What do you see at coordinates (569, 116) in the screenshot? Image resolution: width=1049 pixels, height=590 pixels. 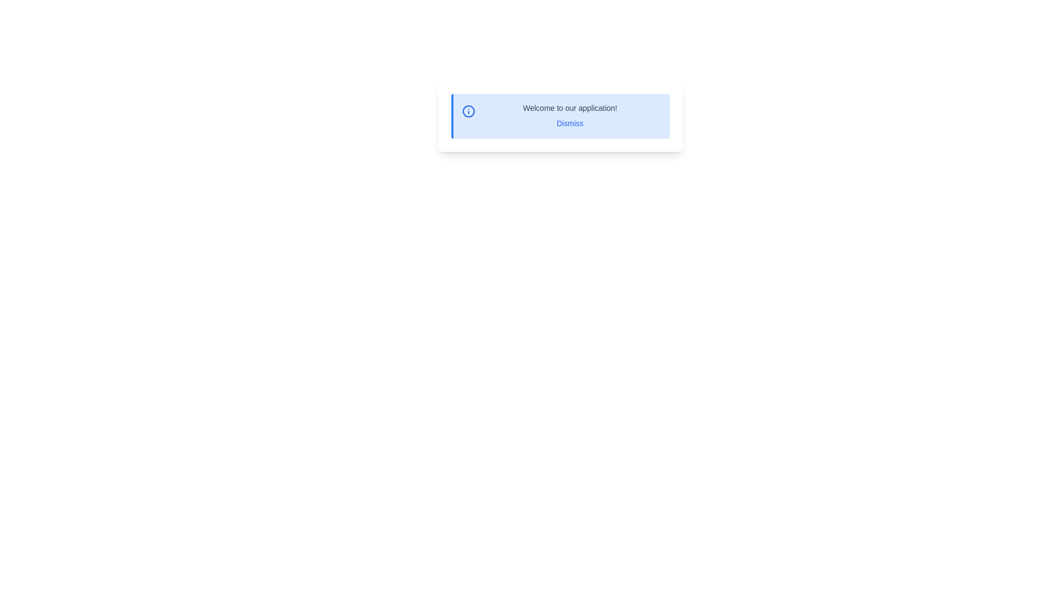 I see `the 'Dismiss' text located in the central-right section of the notification box` at bounding box center [569, 116].